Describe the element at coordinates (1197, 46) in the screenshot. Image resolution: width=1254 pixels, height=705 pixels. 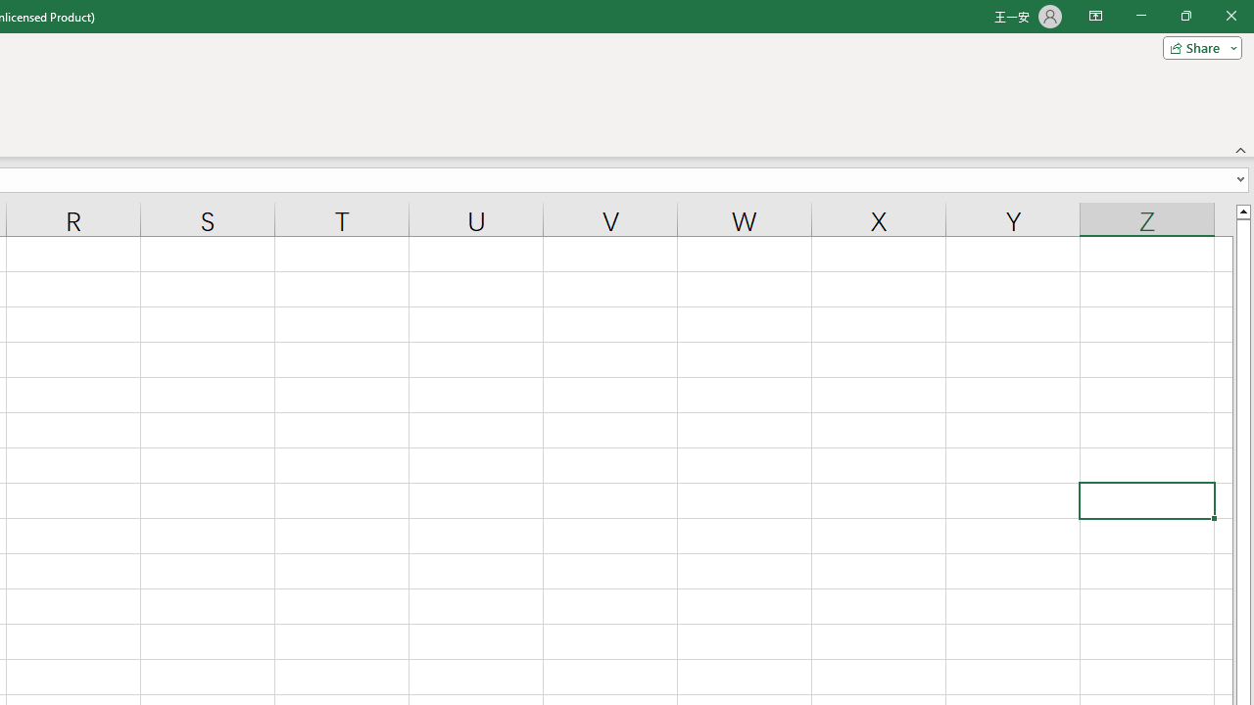
I see `'Share'` at that location.